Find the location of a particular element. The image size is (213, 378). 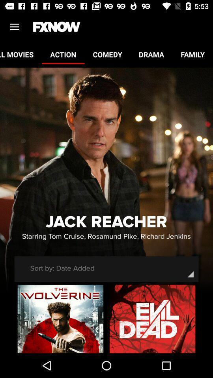

icon above the starring tom cruise is located at coordinates (106, 222).